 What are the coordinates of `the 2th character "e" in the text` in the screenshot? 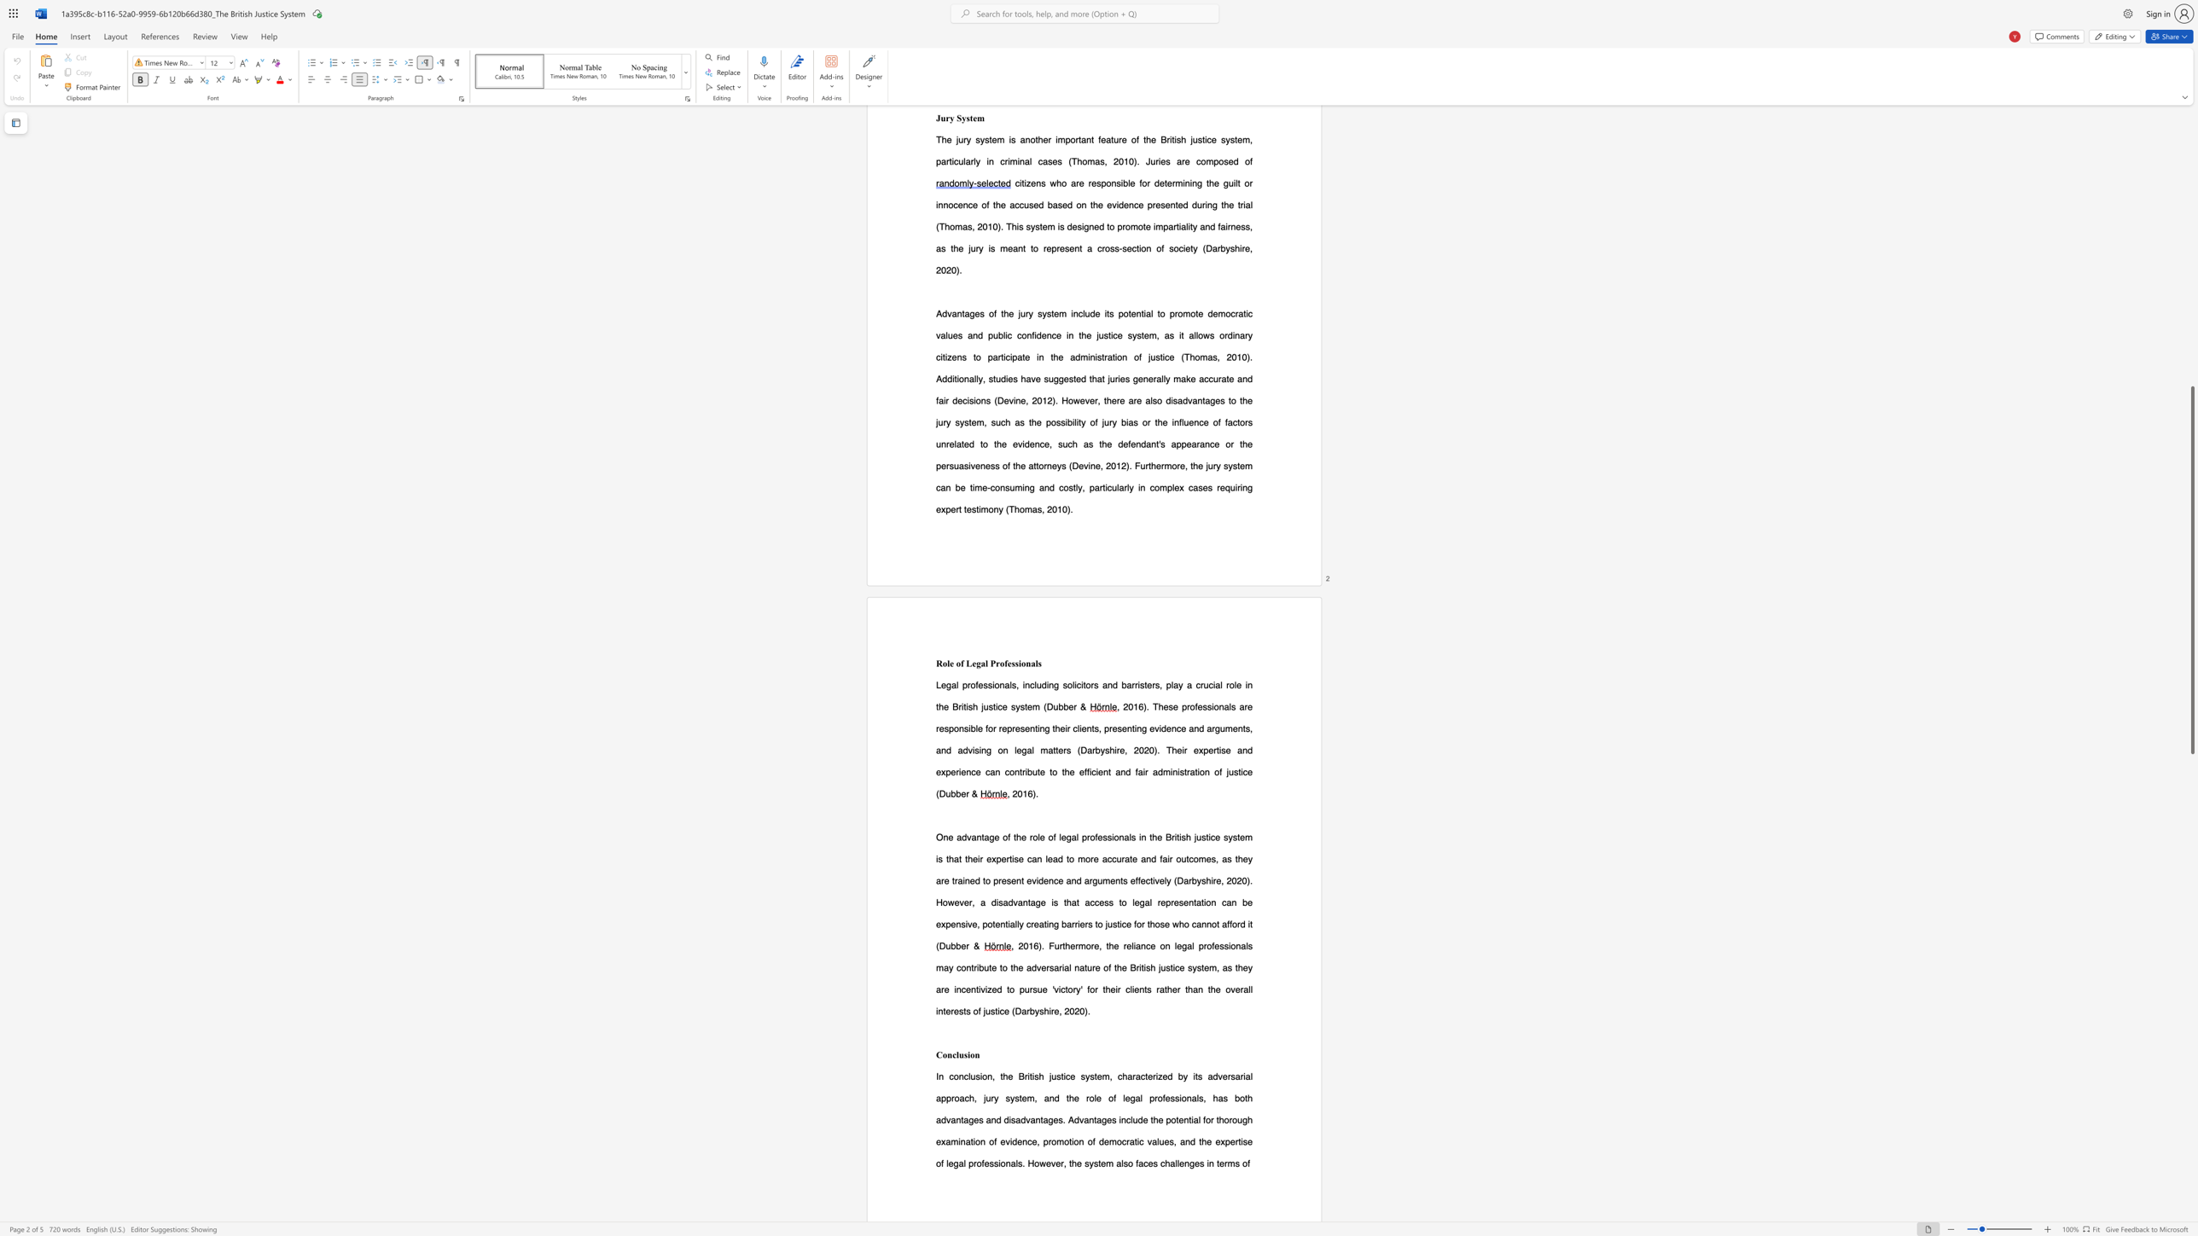 It's located at (1096, 858).